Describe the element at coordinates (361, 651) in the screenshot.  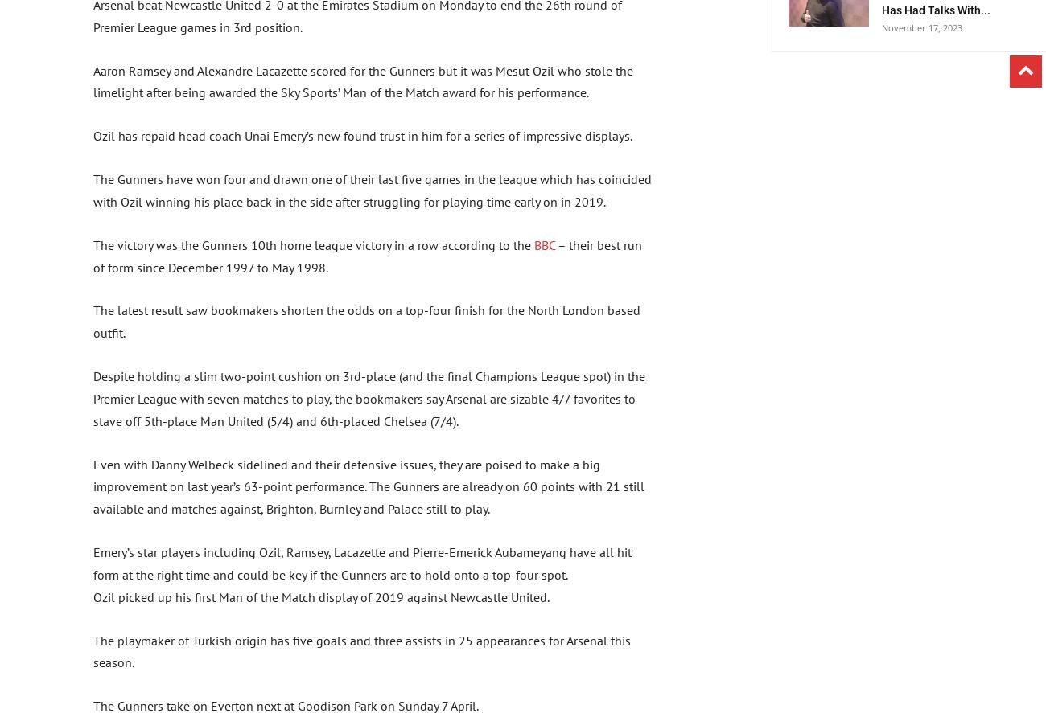
I see `'The playmaker of Turkish origin has five goals and three assists in 25 appearances for Arsenal this season.'` at that location.